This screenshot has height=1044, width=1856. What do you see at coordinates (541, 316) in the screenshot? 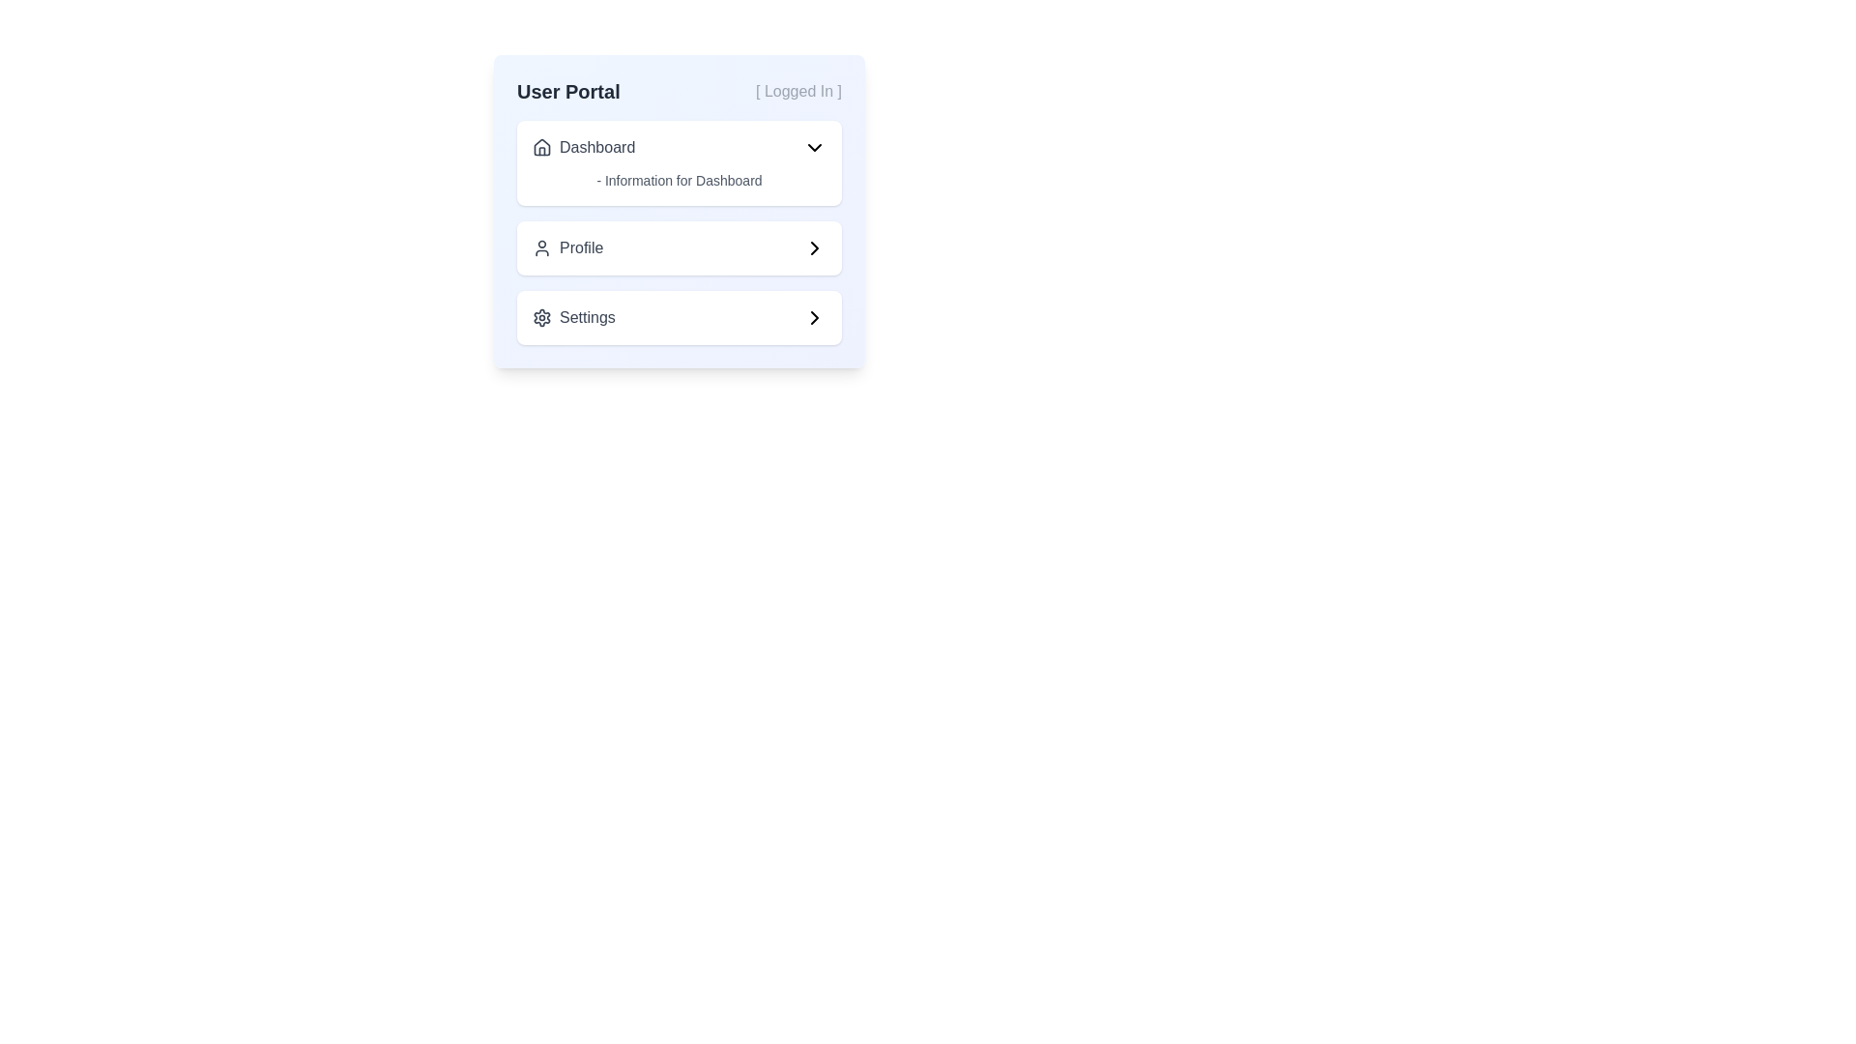
I see `the settings icon, which is the central decorative component within the settings feature located next to the label 'Settings' on its left` at bounding box center [541, 316].